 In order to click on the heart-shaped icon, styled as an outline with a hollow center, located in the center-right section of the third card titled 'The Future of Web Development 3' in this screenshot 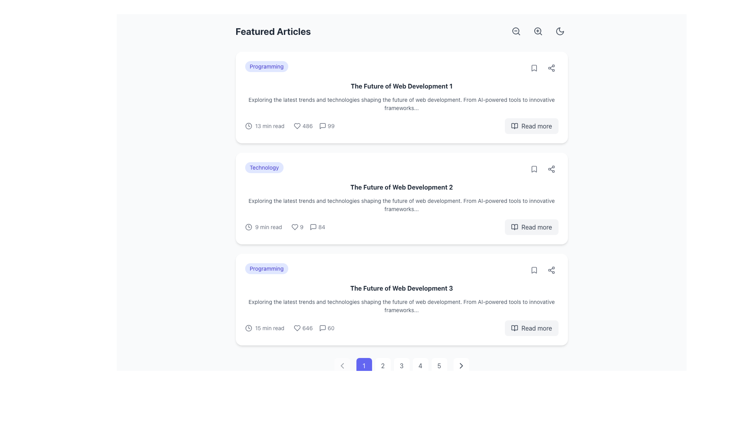, I will do `click(297, 328)`.